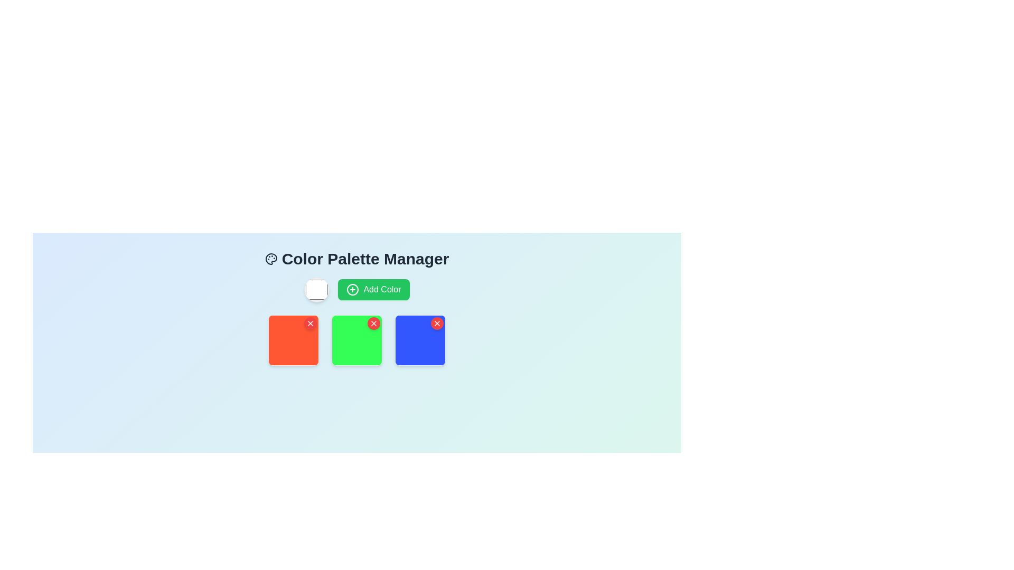 Image resolution: width=1014 pixels, height=570 pixels. I want to click on the decorative icon representing the color palette feature located near the title 'Color Palette Manager', so click(271, 259).